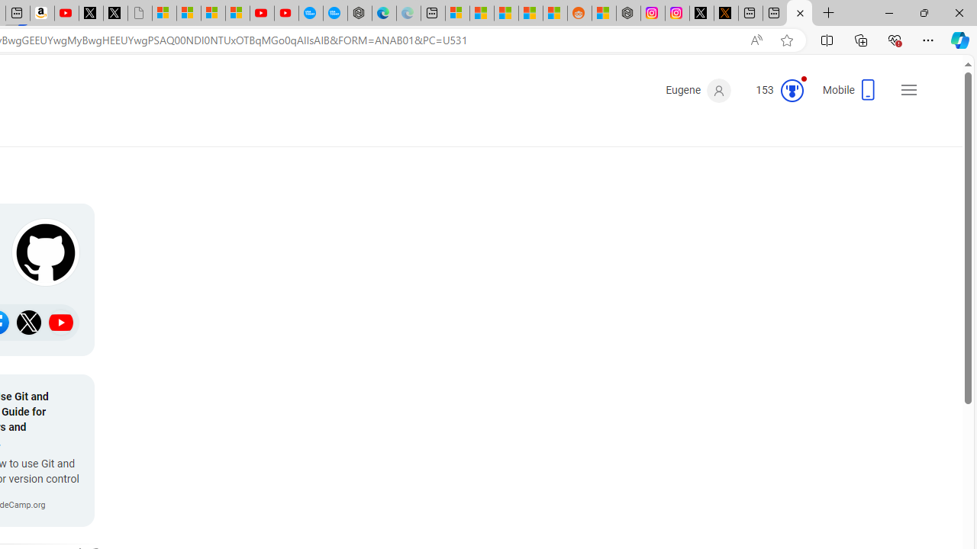  What do you see at coordinates (61, 322) in the screenshot?
I see `'Class: b_sitlk'` at bounding box center [61, 322].